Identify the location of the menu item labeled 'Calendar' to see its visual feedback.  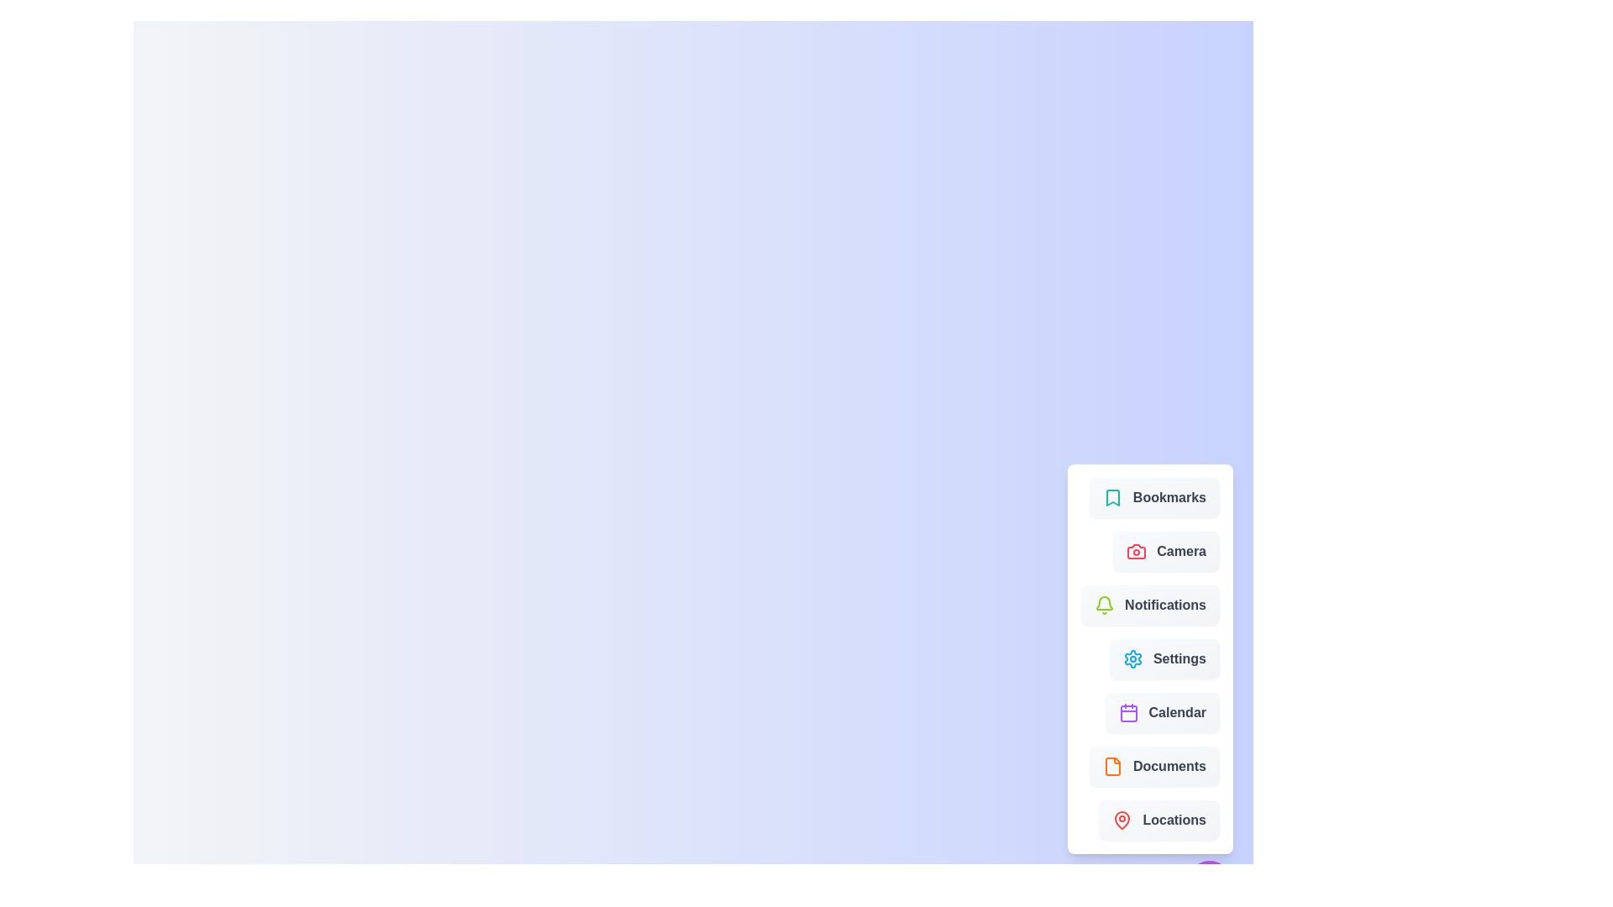
(1160, 712).